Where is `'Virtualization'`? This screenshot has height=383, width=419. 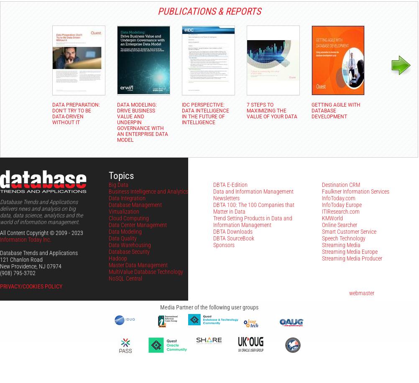
'Virtualization' is located at coordinates (123, 211).